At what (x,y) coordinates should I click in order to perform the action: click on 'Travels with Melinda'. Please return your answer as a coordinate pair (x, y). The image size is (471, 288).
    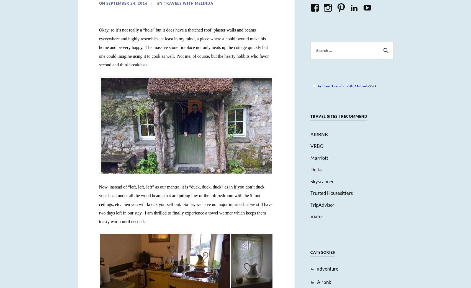
    Looking at the image, I should click on (188, 3).